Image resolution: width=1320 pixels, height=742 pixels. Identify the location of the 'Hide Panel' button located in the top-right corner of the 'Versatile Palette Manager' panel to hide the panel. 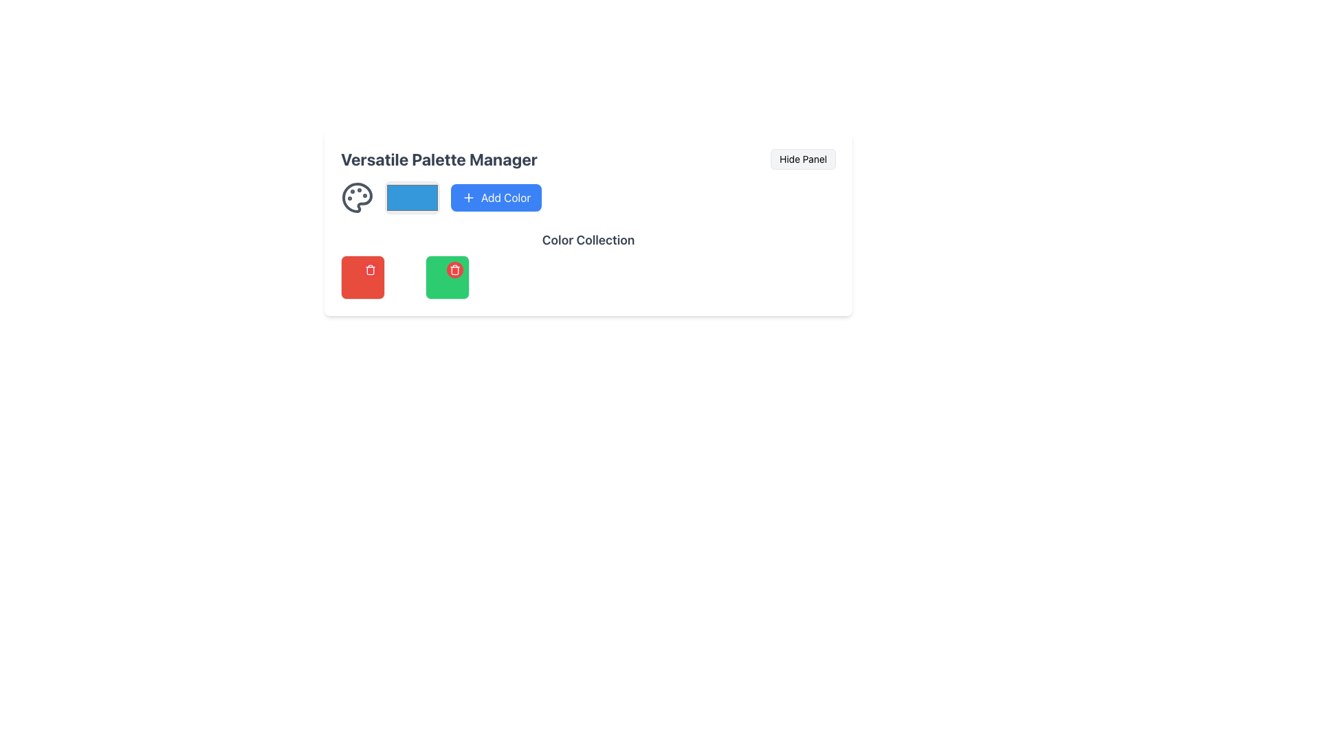
(803, 158).